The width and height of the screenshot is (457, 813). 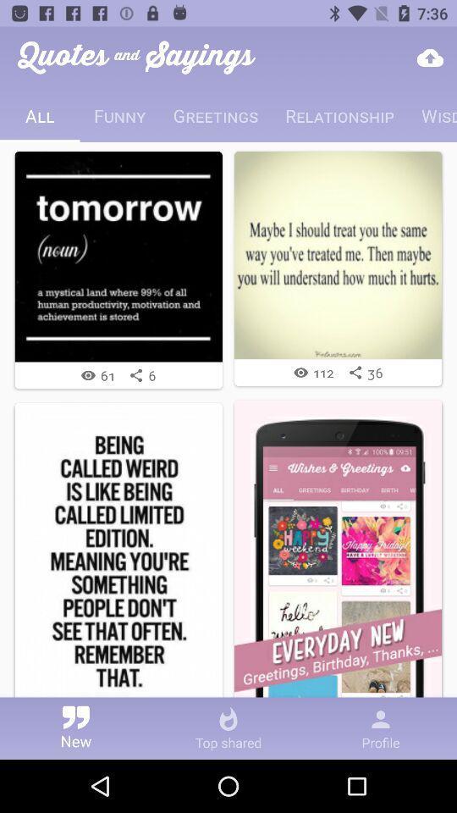 What do you see at coordinates (118, 257) in the screenshot?
I see `the first image` at bounding box center [118, 257].